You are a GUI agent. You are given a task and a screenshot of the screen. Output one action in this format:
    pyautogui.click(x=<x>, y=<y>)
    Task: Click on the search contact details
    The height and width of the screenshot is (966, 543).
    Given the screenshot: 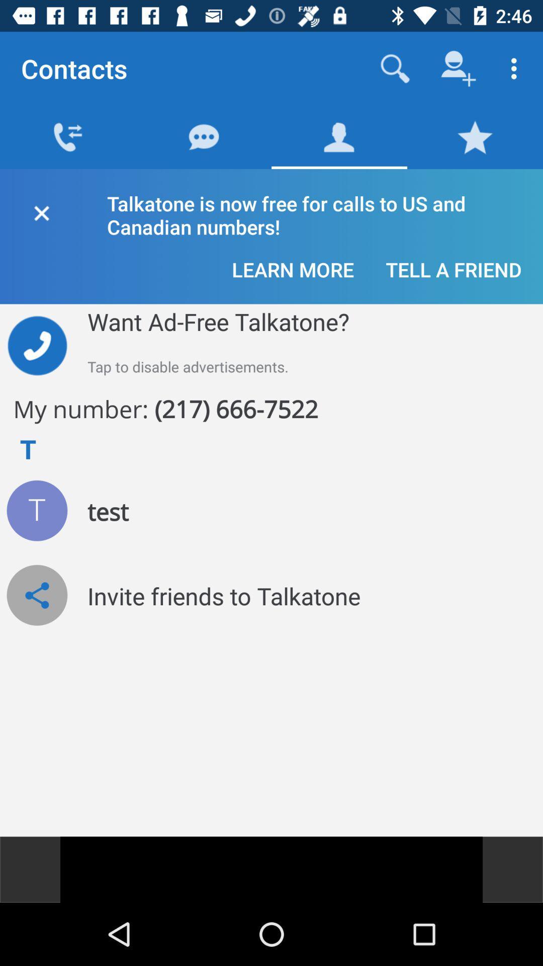 What is the action you would take?
    pyautogui.click(x=395, y=68)
    